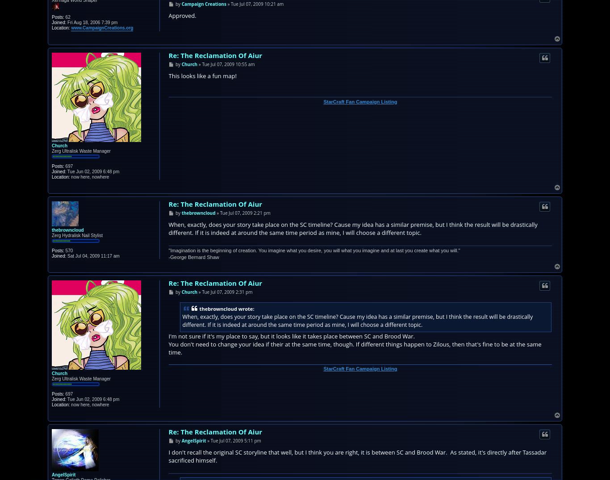 The image size is (610, 480). I want to click on 'Fri Aug 18, 2006 7:39 pm', so click(65, 21).